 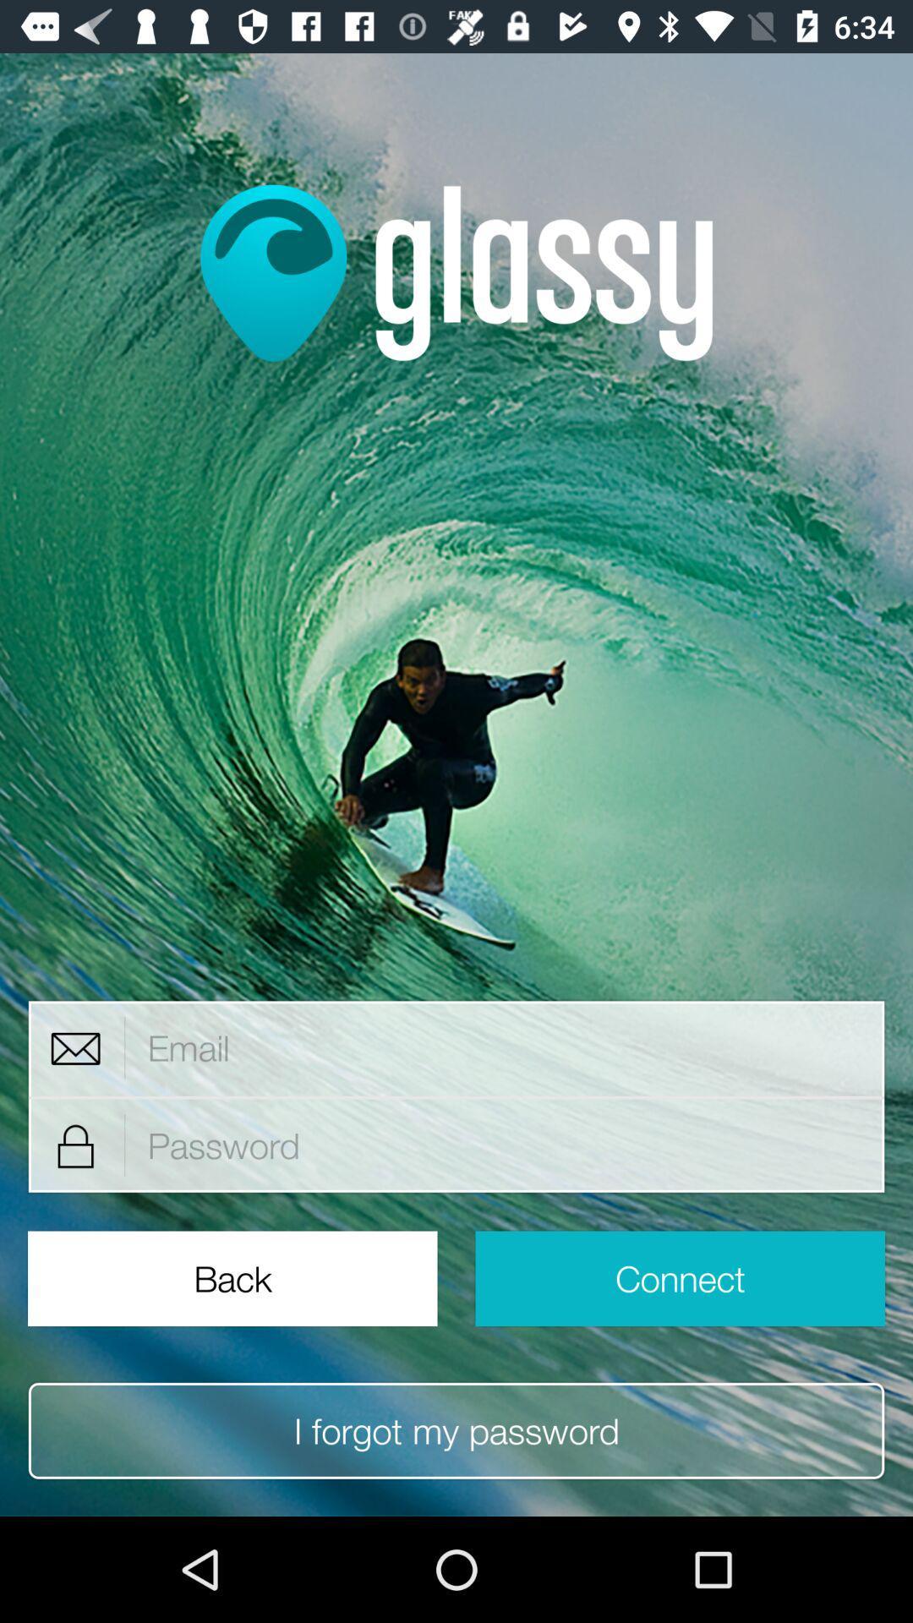 What do you see at coordinates (679, 1278) in the screenshot?
I see `connect icon` at bounding box center [679, 1278].